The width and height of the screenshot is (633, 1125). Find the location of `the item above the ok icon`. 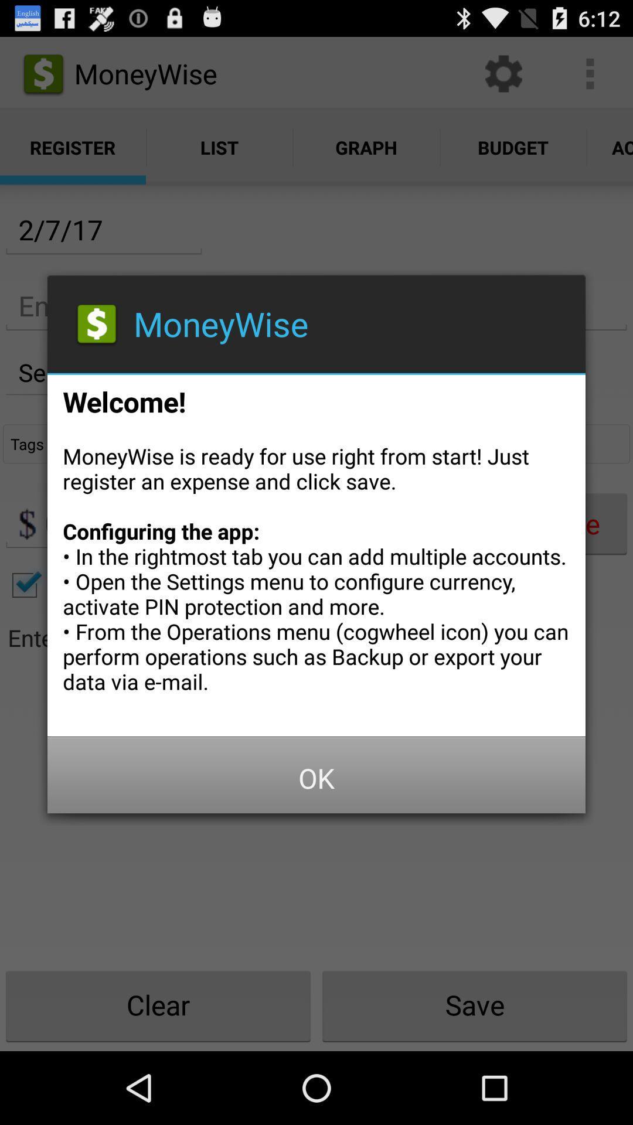

the item above the ok icon is located at coordinates (316, 551).